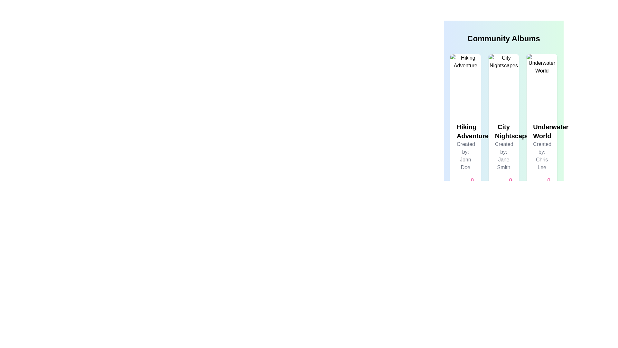 Image resolution: width=618 pixels, height=348 pixels. Describe the element at coordinates (465, 156) in the screenshot. I see `the text label displaying 'Created by: John Doe', which is positioned below the 'Hiking Adventure' title and above the '0 Likes Comments' section` at that location.